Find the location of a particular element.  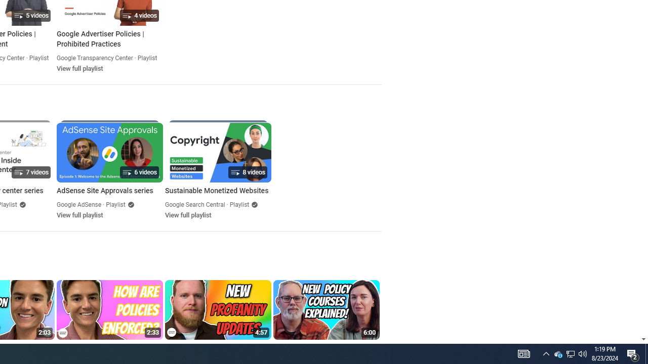

'Google Transparency Center' is located at coordinates (95, 58).